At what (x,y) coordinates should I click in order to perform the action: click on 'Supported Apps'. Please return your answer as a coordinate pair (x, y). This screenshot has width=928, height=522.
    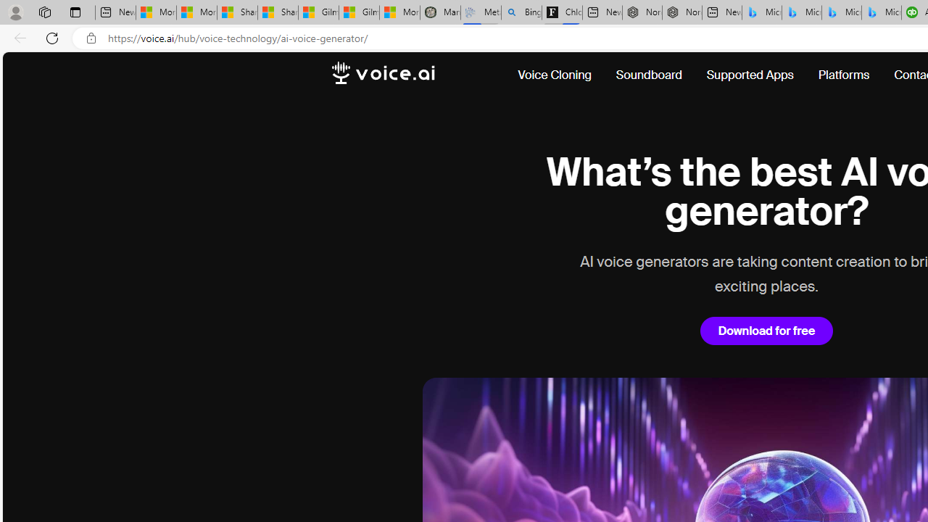
    Looking at the image, I should click on (750, 75).